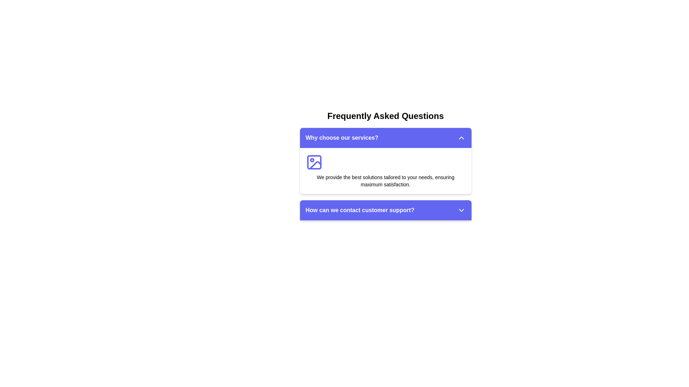  What do you see at coordinates (461, 210) in the screenshot?
I see `the downward-facing chevron icon located at the top-right corner of the bar labeled 'How can we contact customer support?'` at bounding box center [461, 210].